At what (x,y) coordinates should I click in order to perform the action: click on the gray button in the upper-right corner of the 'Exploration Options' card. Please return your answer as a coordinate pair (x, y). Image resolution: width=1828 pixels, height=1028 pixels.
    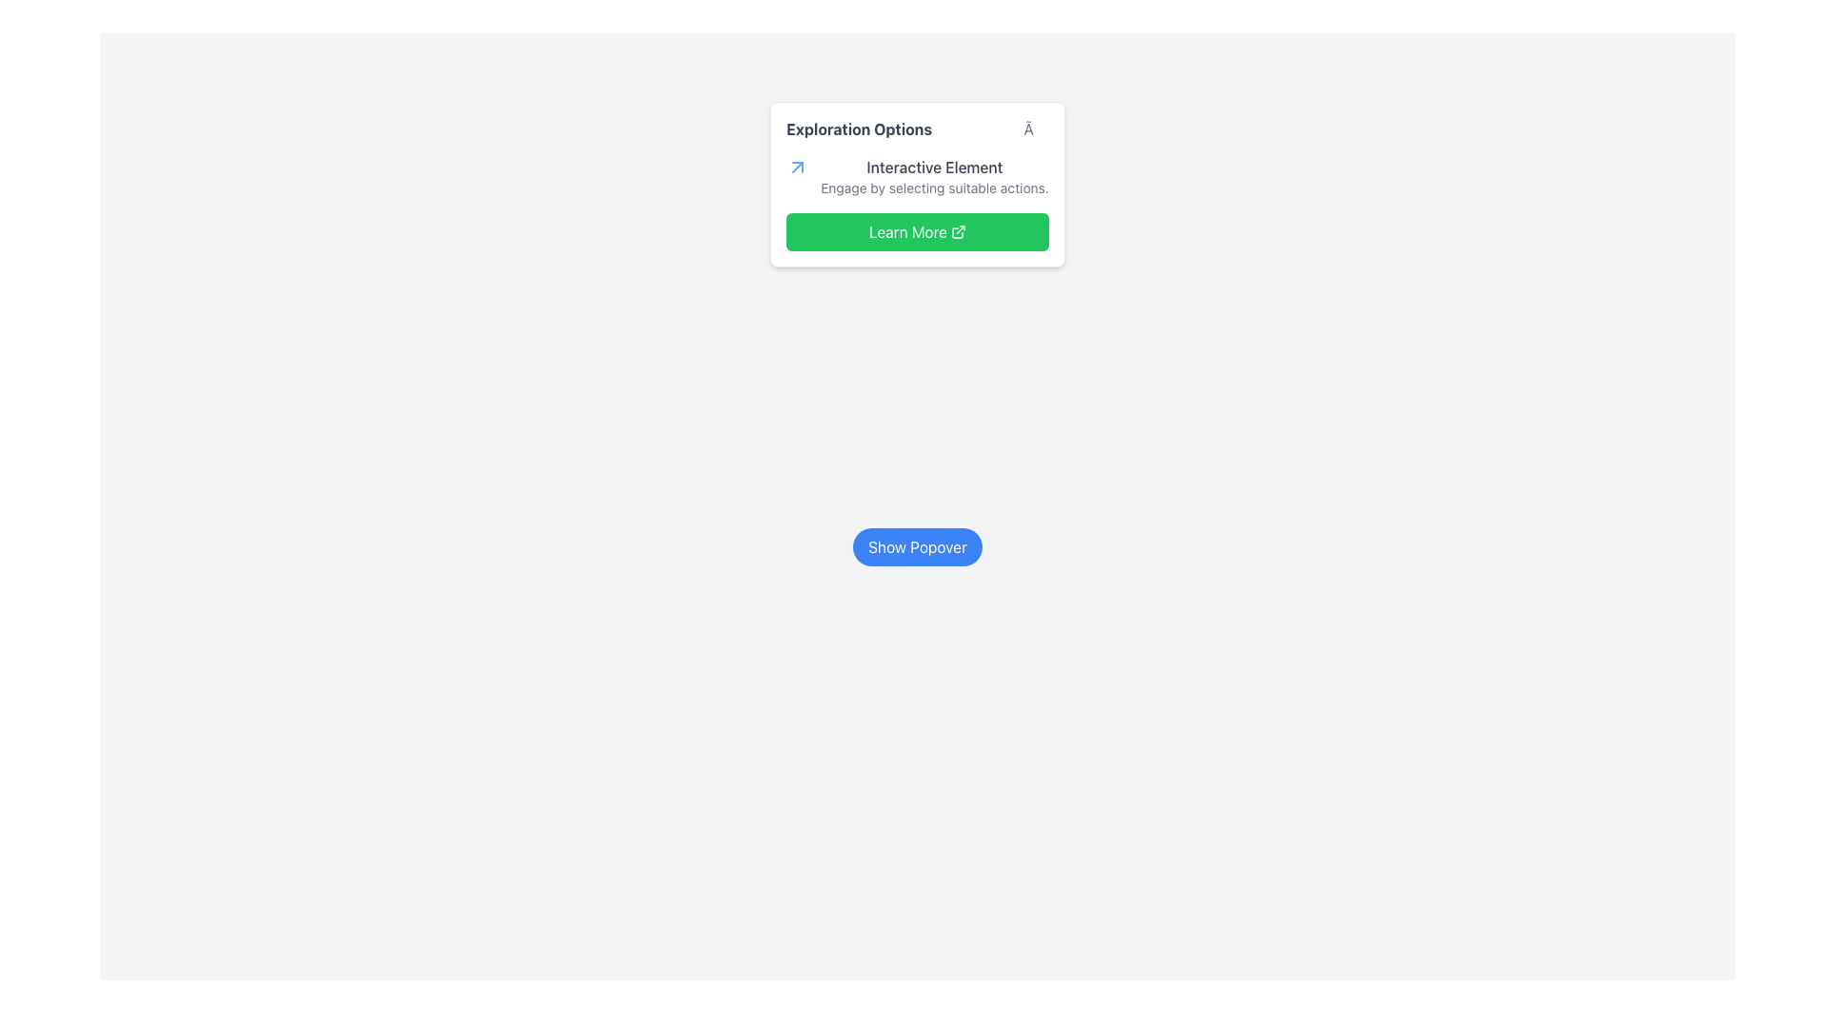
    Looking at the image, I should click on (1035, 128).